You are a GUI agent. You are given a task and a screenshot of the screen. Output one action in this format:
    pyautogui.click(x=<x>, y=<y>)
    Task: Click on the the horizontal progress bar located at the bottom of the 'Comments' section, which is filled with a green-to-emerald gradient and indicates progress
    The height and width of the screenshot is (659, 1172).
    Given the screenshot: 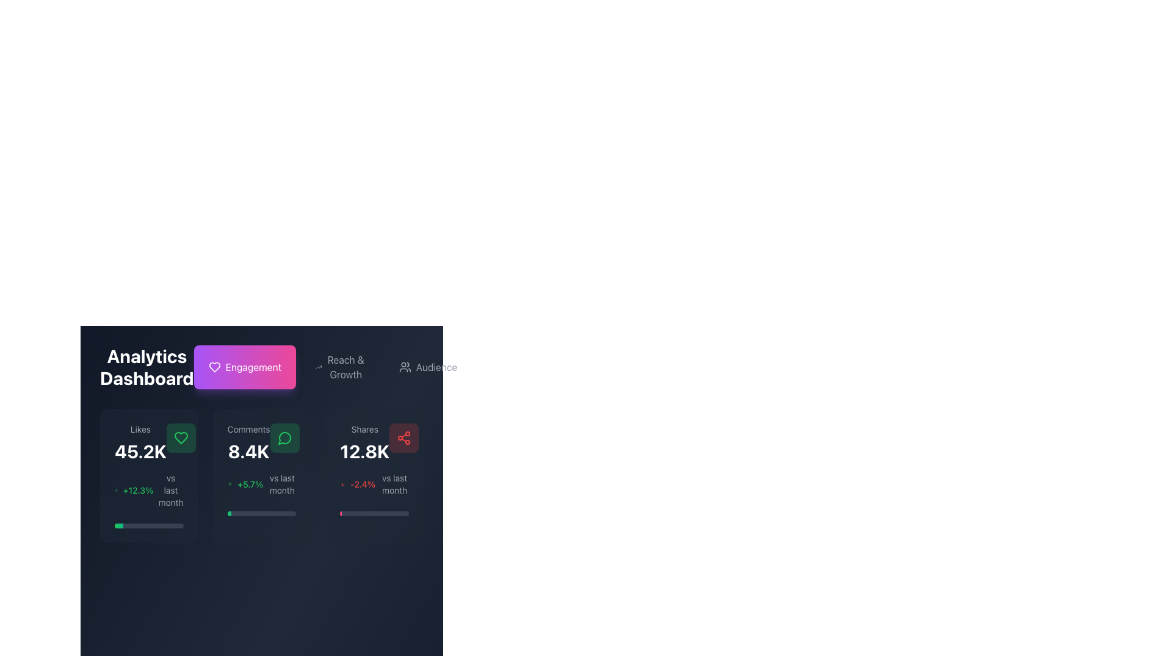 What is the action you would take?
    pyautogui.click(x=261, y=513)
    